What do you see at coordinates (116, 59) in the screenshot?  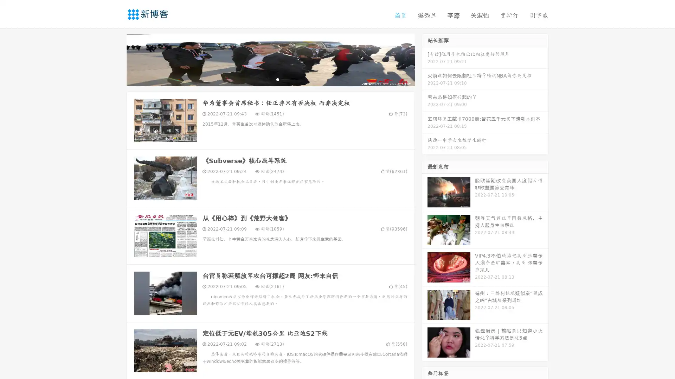 I see `Previous slide` at bounding box center [116, 59].